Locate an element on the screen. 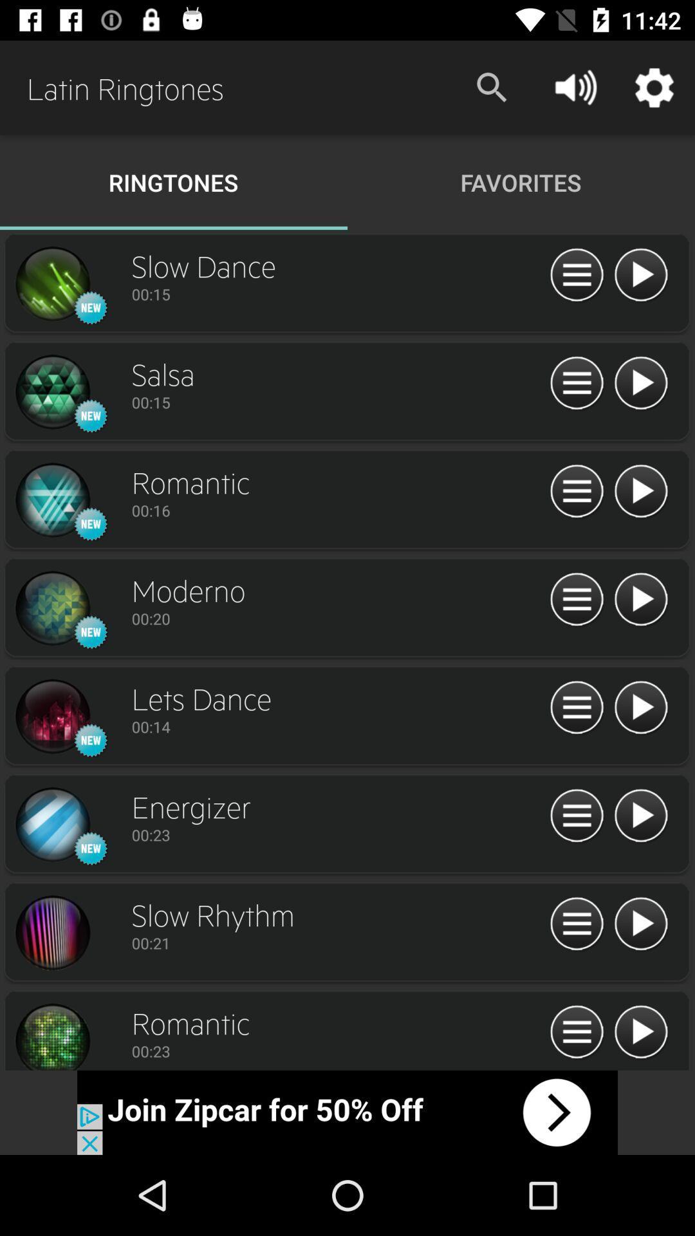  the 2nd play button from the bottom right side of the web page is located at coordinates (640, 924).